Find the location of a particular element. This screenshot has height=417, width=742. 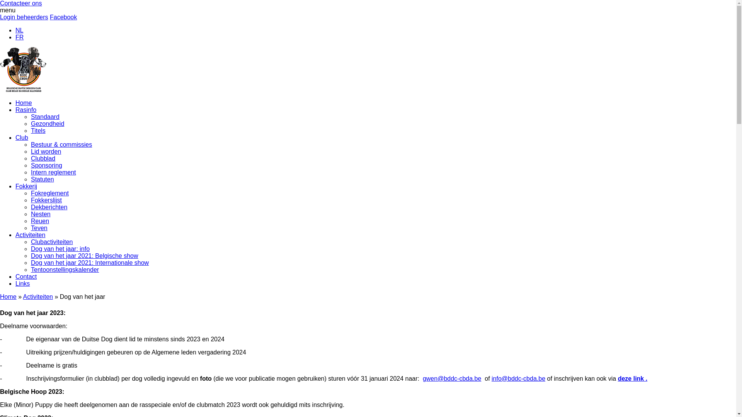

'deze link .' is located at coordinates (617, 378).